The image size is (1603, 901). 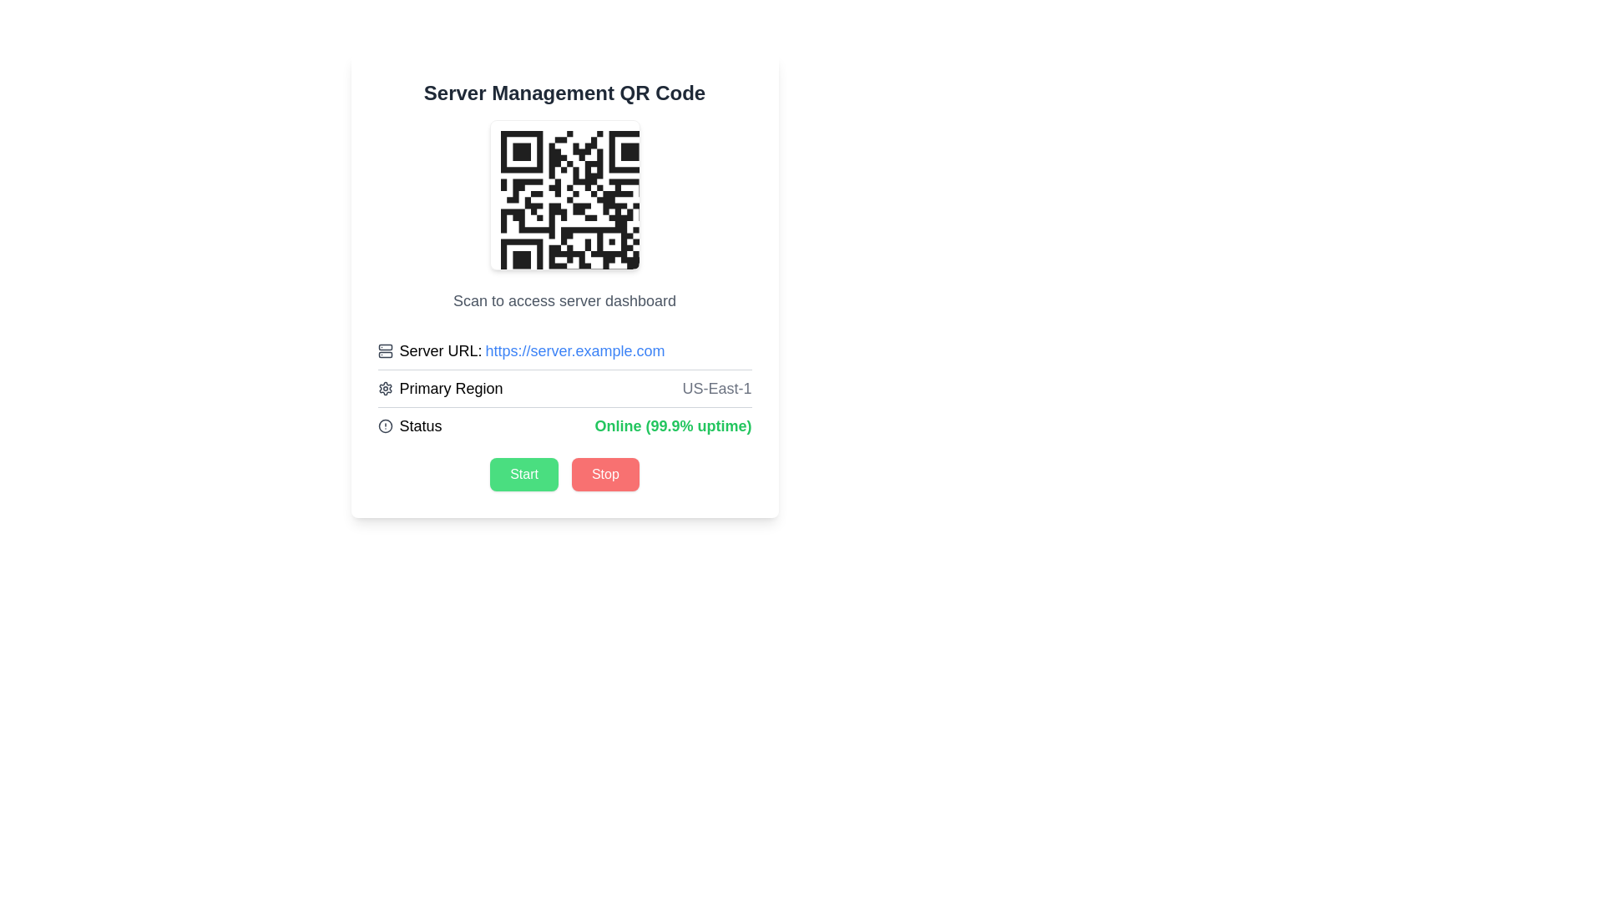 I want to click on the warning or alert indicator icon located beside the 'Status' label in the 'Status' section of the interface, so click(x=384, y=425).